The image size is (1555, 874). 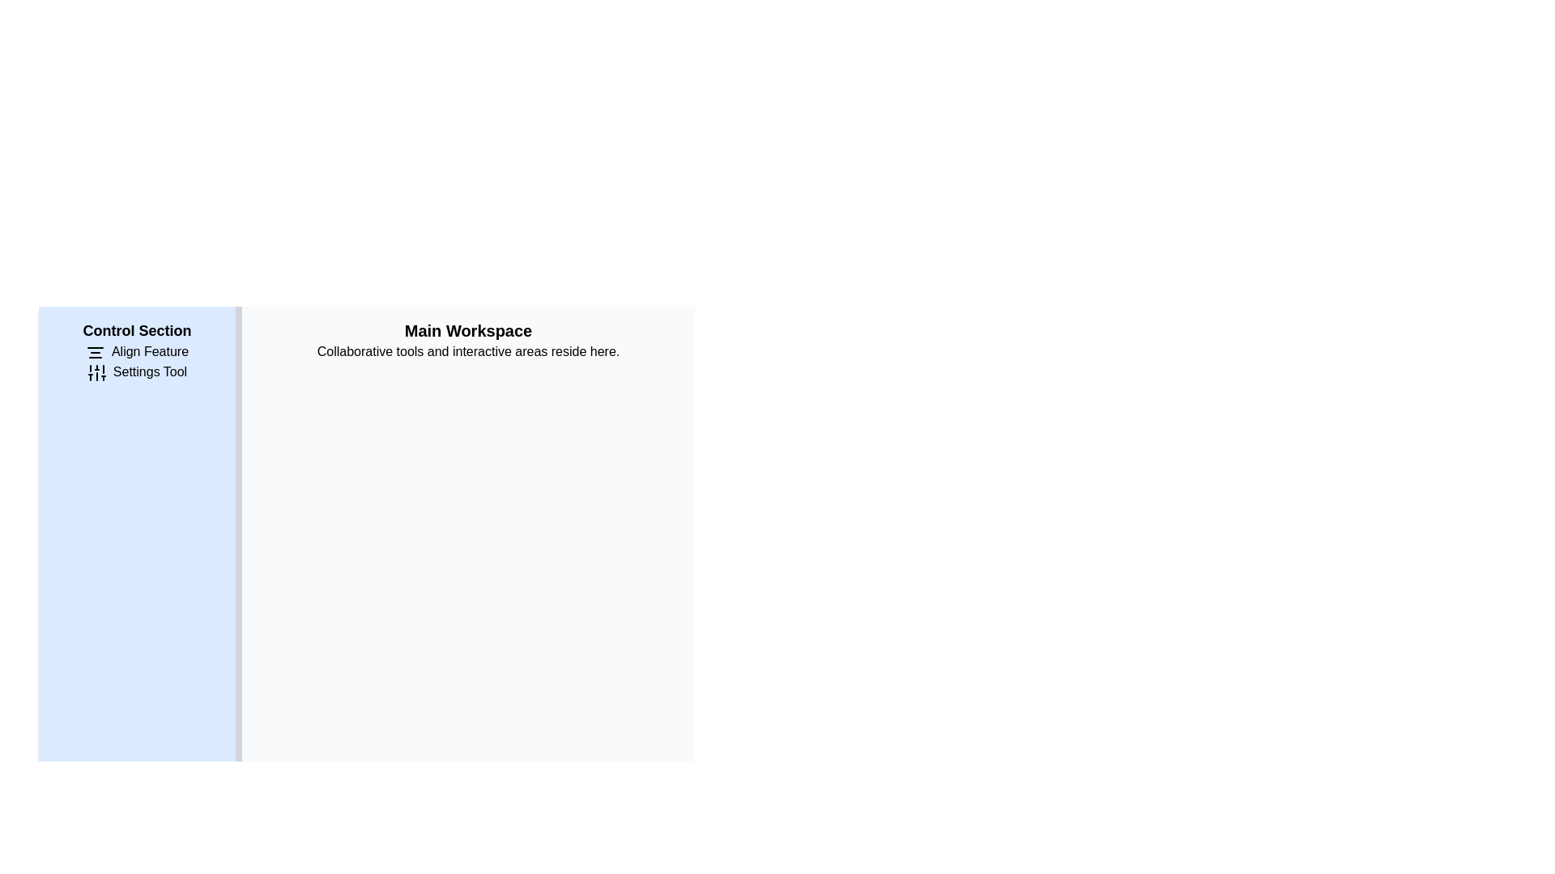 I want to click on text of the Text Label that serves as a title for the workspace section, positioned above the text 'Collaborative tools and interactive areas reside here.', so click(x=467, y=329).